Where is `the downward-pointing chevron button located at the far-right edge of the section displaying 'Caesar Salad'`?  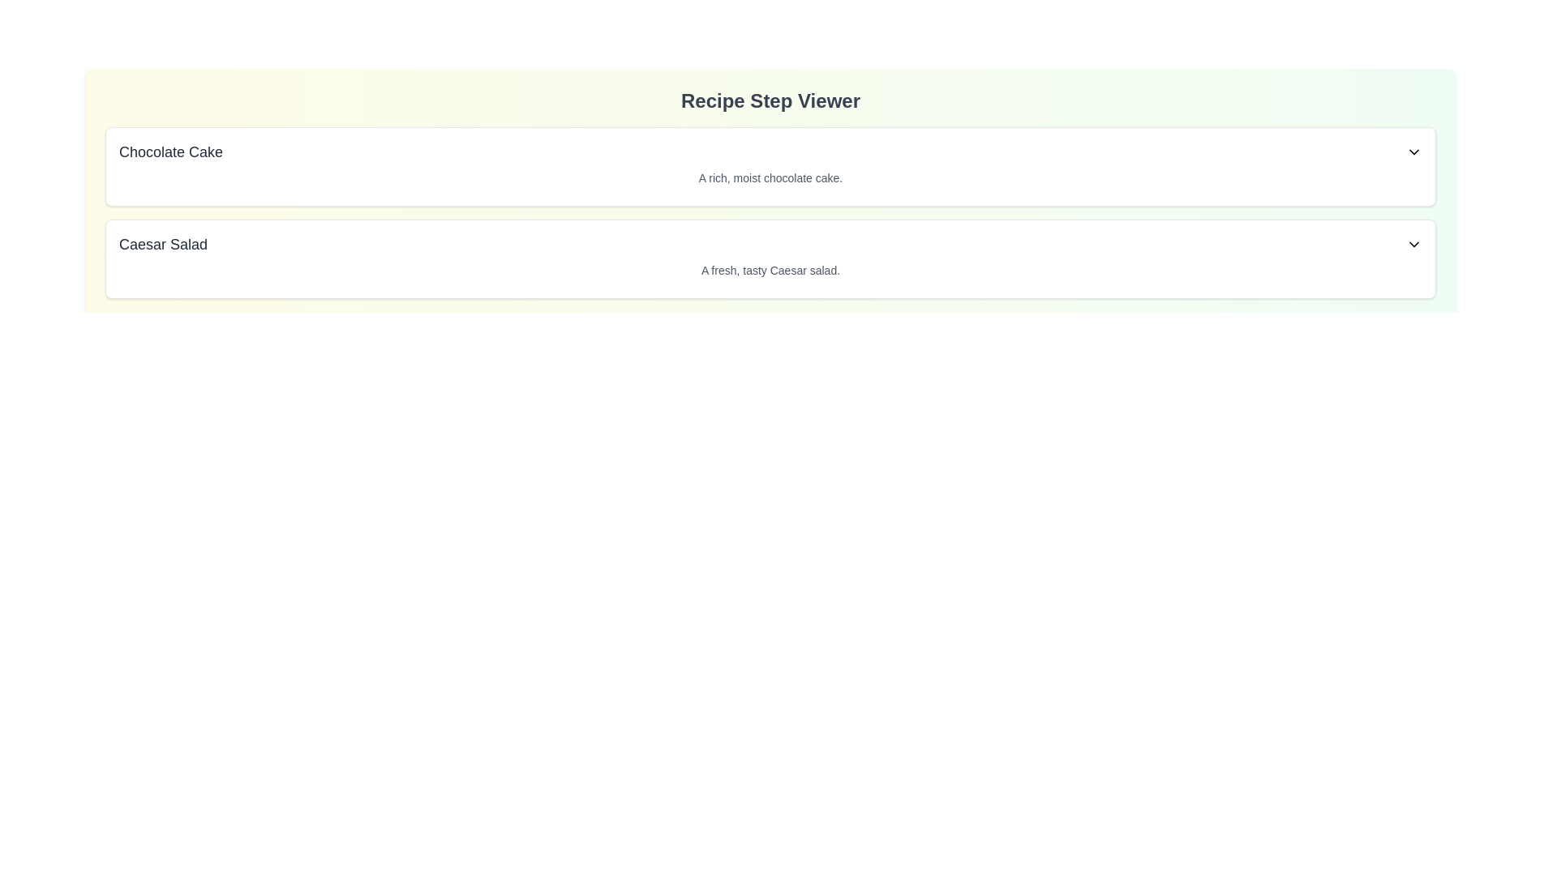
the downward-pointing chevron button located at the far-right edge of the section displaying 'Caesar Salad' is located at coordinates (1413, 244).